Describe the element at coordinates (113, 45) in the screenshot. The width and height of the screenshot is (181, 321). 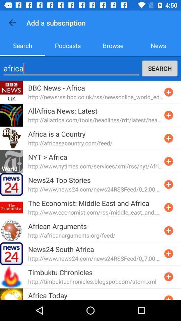
I see `icon next to the podcasts icon` at that location.